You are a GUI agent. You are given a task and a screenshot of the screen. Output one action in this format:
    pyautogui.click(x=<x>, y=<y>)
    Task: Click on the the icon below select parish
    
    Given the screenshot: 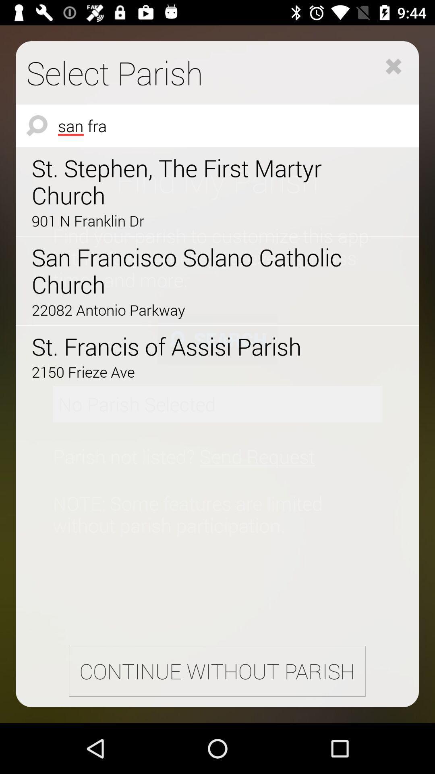 What is the action you would take?
    pyautogui.click(x=217, y=125)
    